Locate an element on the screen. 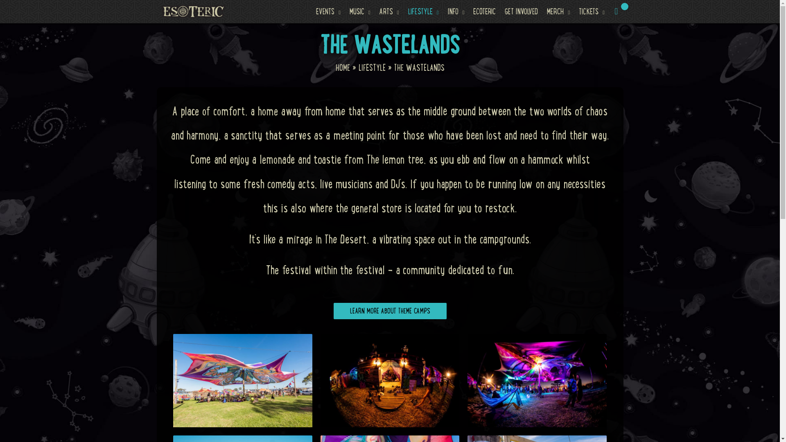 This screenshot has height=442, width=786. 'MERCH' is located at coordinates (558, 11).